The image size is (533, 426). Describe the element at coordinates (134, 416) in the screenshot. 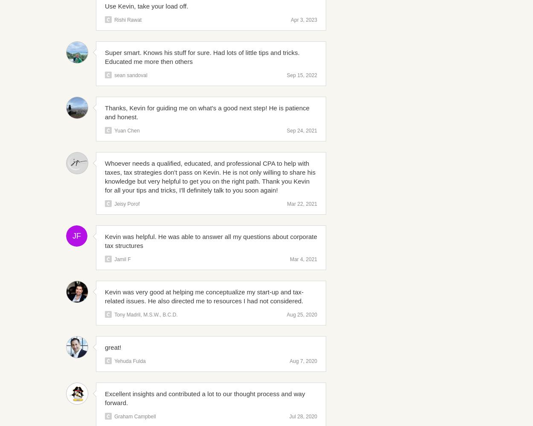

I see `'Graham Campbell'` at that location.